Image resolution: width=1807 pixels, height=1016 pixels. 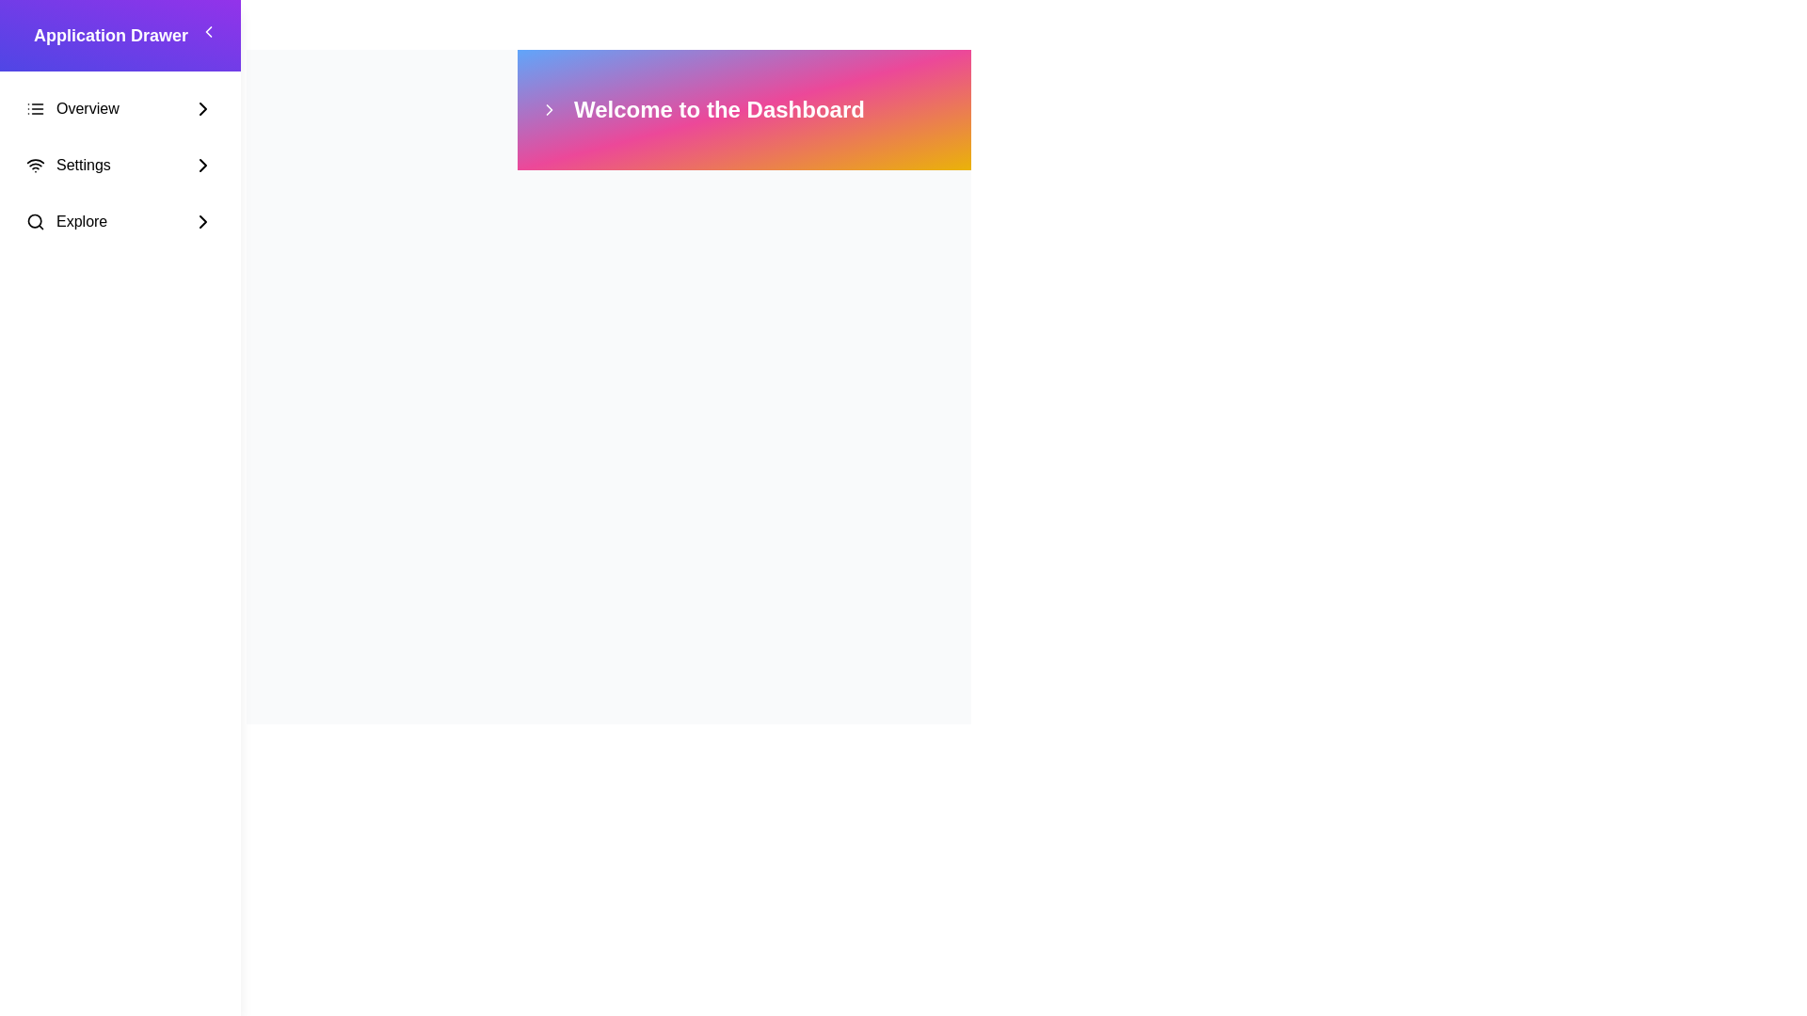 What do you see at coordinates (81, 220) in the screenshot?
I see `text label 'Explore' which identifies the 'Explore' section in the navigational sidebar, located between a search icon and a right-pointing arrow icon` at bounding box center [81, 220].